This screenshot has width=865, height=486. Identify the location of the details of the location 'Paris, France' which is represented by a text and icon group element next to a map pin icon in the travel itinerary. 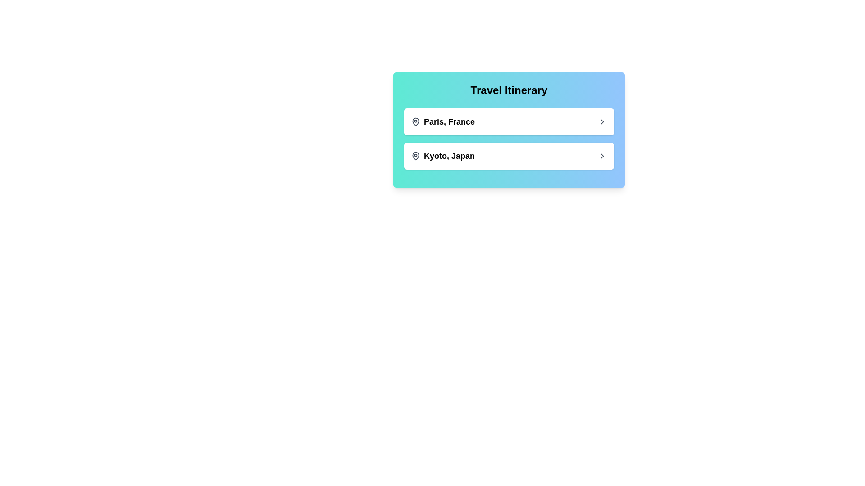
(443, 121).